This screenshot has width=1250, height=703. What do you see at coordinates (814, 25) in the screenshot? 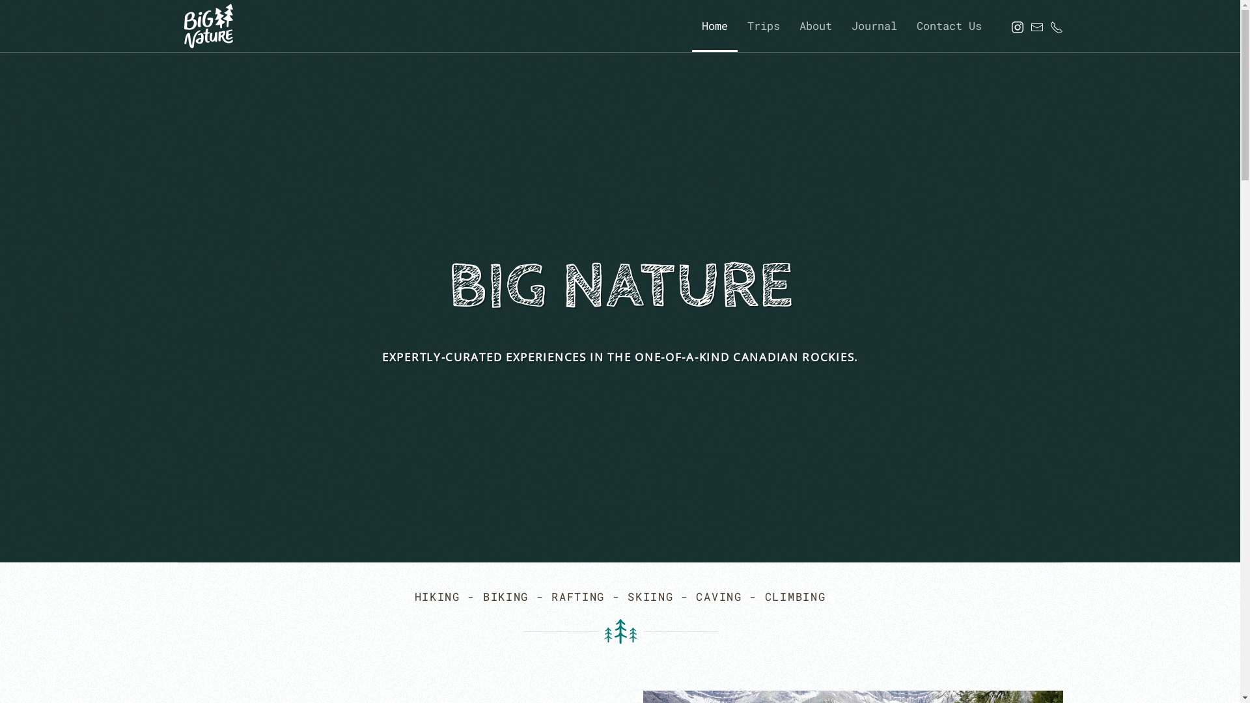
I see `'About'` at bounding box center [814, 25].